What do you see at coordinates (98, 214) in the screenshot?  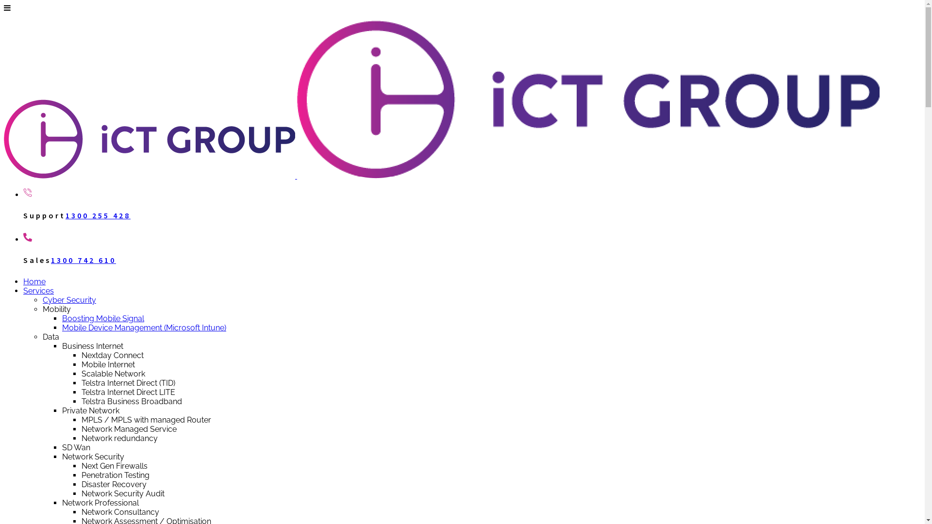 I see `'1300 255 428'` at bounding box center [98, 214].